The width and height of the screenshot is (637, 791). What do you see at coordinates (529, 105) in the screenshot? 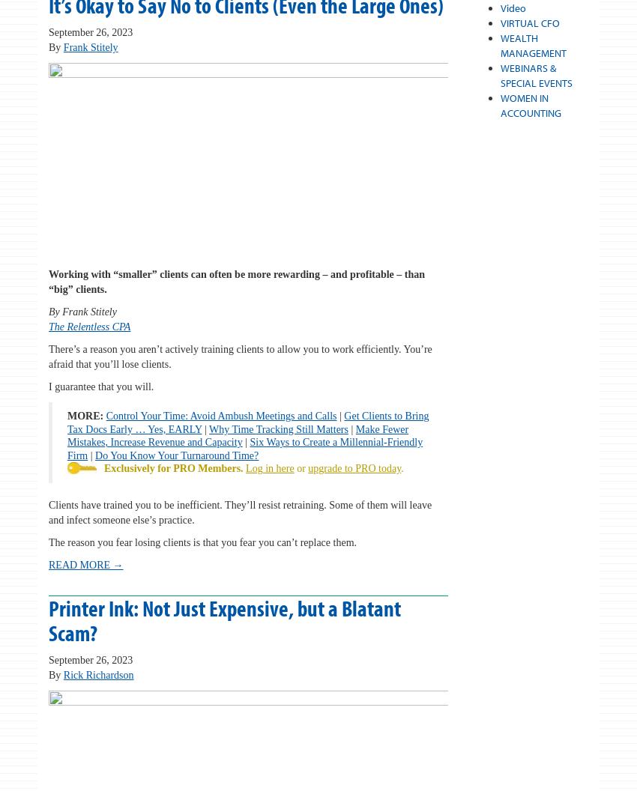
I see `'WOMEN IN ACCOUNTING'` at bounding box center [529, 105].